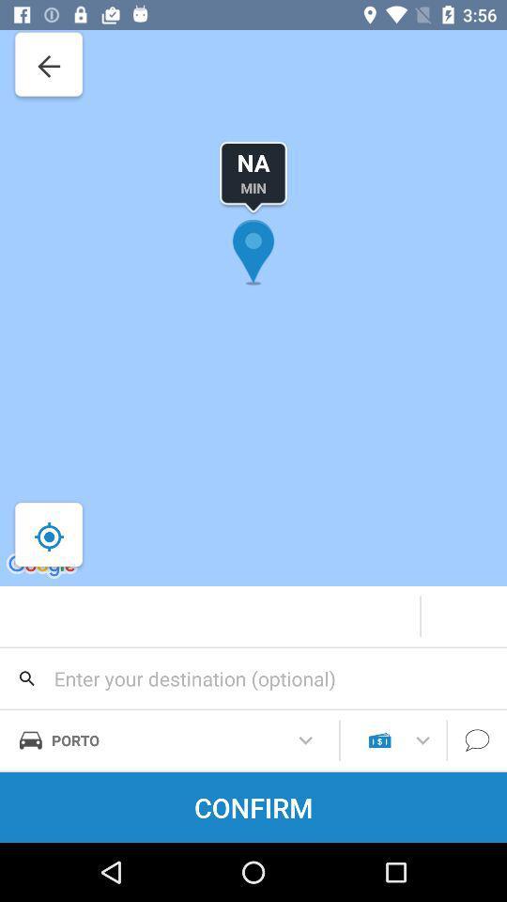  What do you see at coordinates (49, 537) in the screenshot?
I see `the location_crosshair icon` at bounding box center [49, 537].